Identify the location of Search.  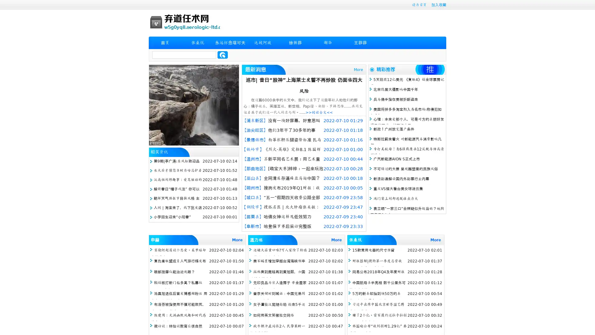
(223, 55).